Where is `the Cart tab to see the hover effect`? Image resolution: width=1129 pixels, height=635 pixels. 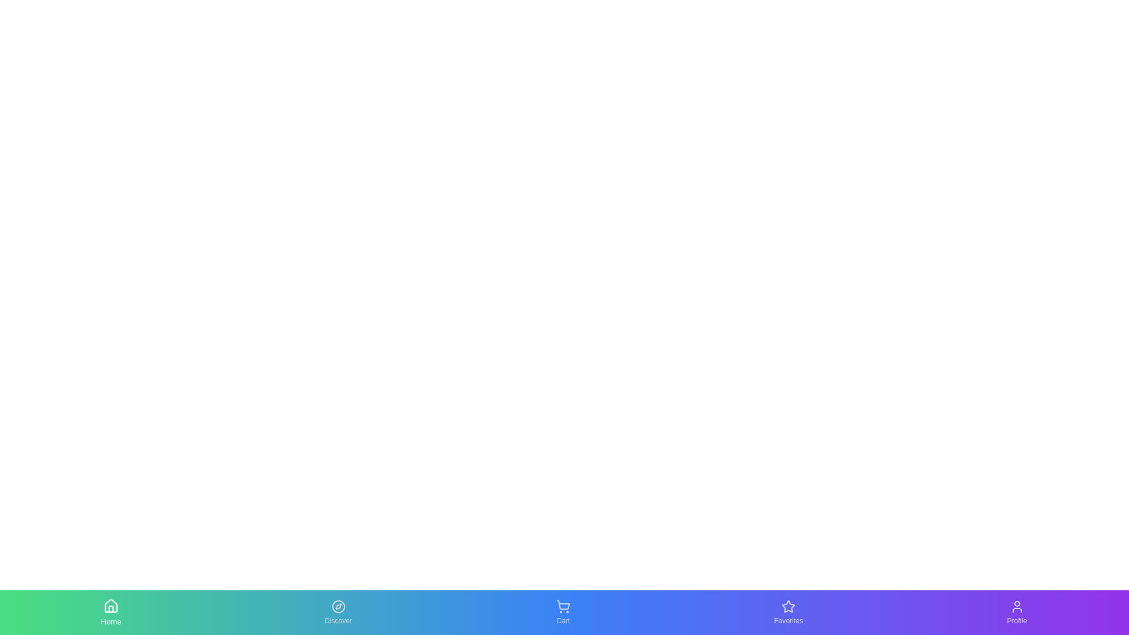 the Cart tab to see the hover effect is located at coordinates (562, 611).